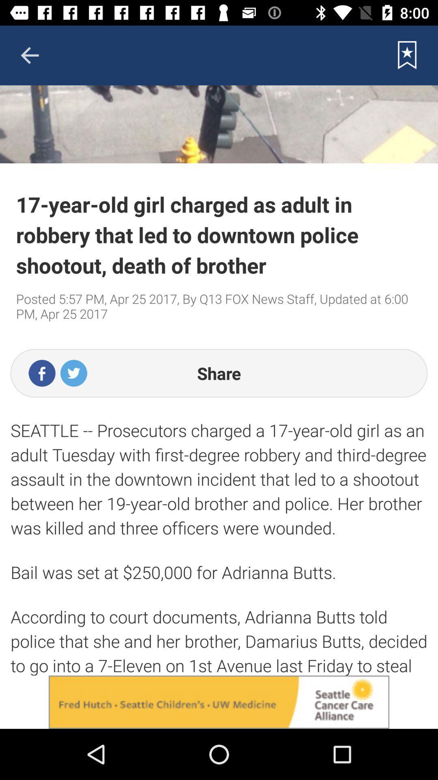  I want to click on the arrow_backward icon, so click(29, 55).